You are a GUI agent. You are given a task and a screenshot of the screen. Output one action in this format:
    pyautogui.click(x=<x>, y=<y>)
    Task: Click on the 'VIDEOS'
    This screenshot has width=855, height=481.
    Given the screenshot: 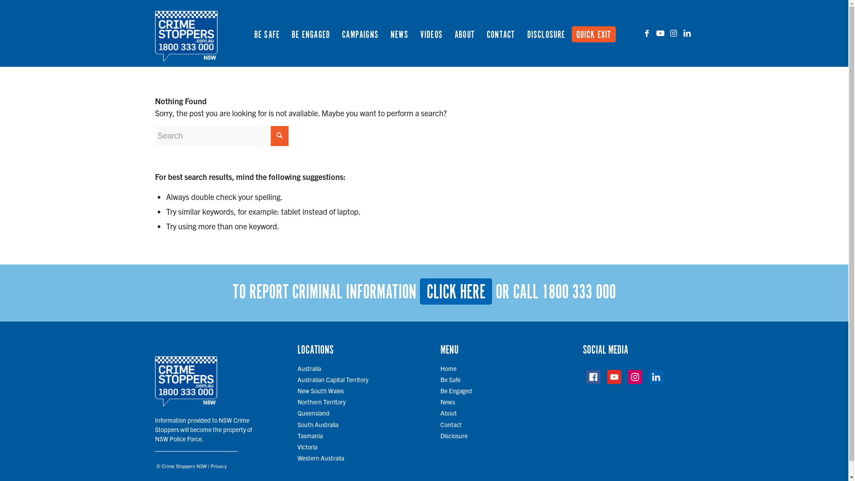 What is the action you would take?
    pyautogui.click(x=431, y=33)
    